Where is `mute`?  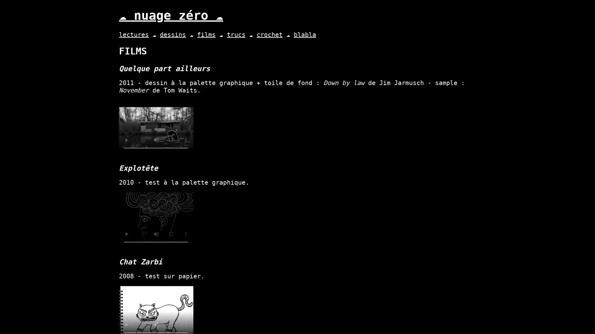 mute is located at coordinates (156, 324).